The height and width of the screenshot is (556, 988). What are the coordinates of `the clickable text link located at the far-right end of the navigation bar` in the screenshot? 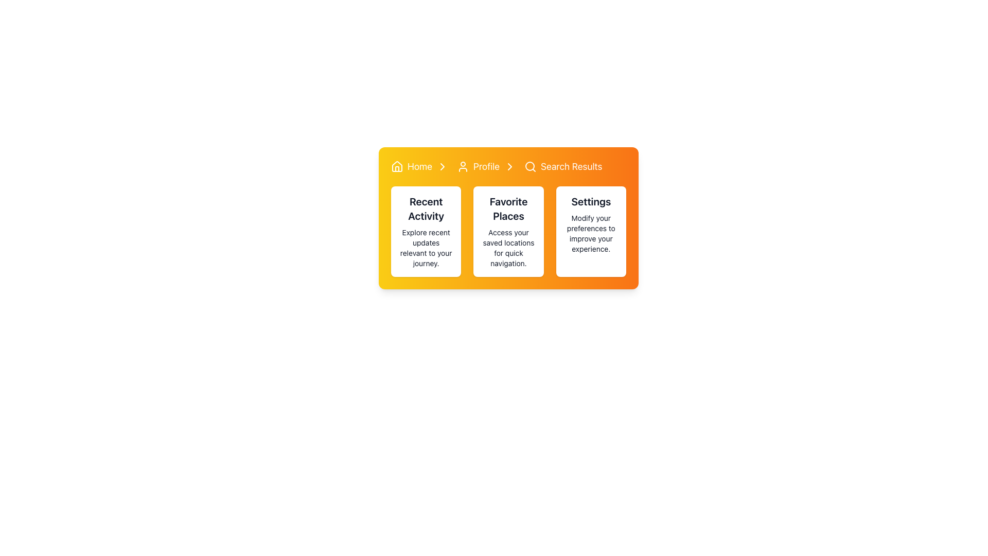 It's located at (571, 166).